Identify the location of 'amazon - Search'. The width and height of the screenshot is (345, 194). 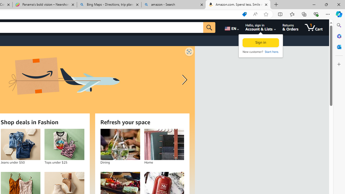
(173, 5).